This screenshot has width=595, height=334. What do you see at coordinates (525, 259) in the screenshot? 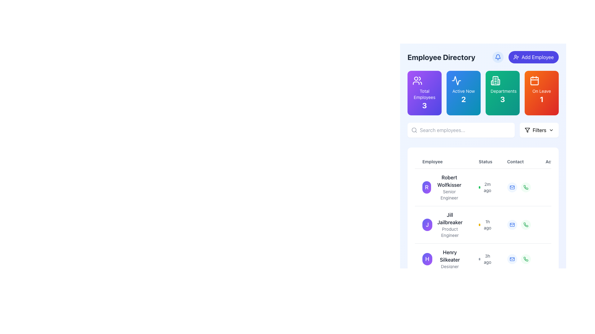
I see `the button located at the rightmost end of the 'Contact' column, adjacent to the blue envelope icon` at bounding box center [525, 259].